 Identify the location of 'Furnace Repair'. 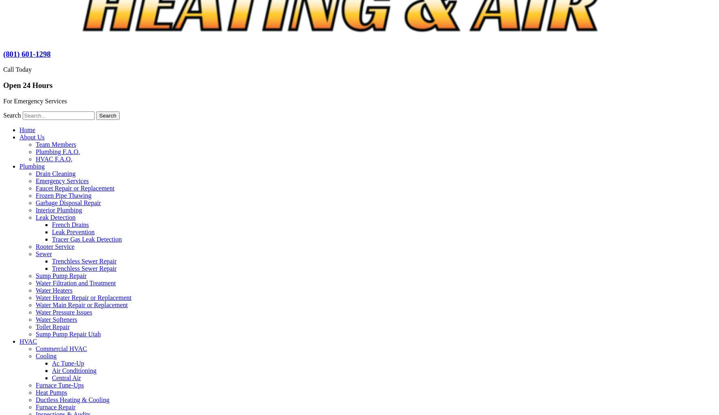
(55, 406).